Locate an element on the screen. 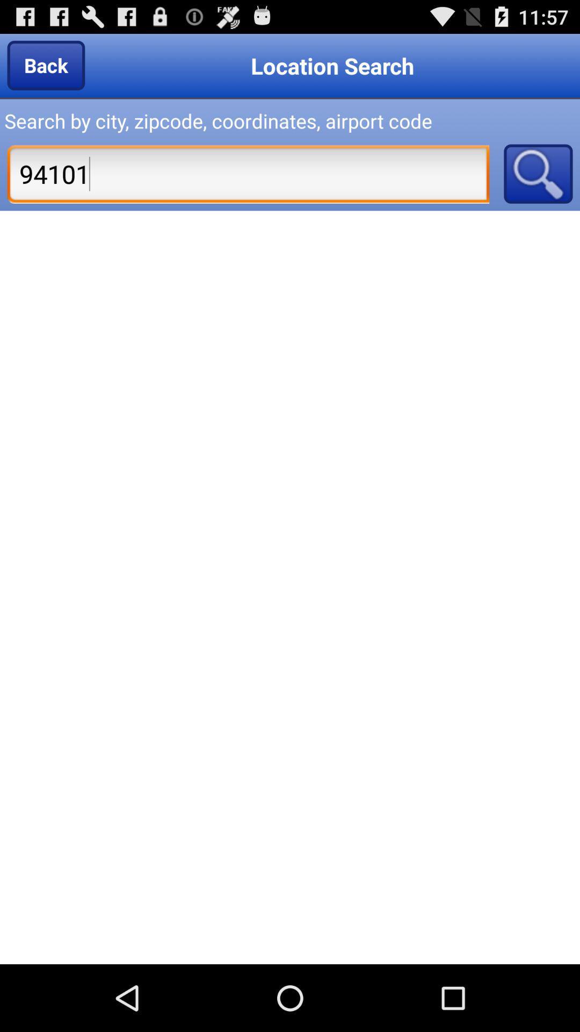 This screenshot has width=580, height=1032. the back icon is located at coordinates (45, 64).